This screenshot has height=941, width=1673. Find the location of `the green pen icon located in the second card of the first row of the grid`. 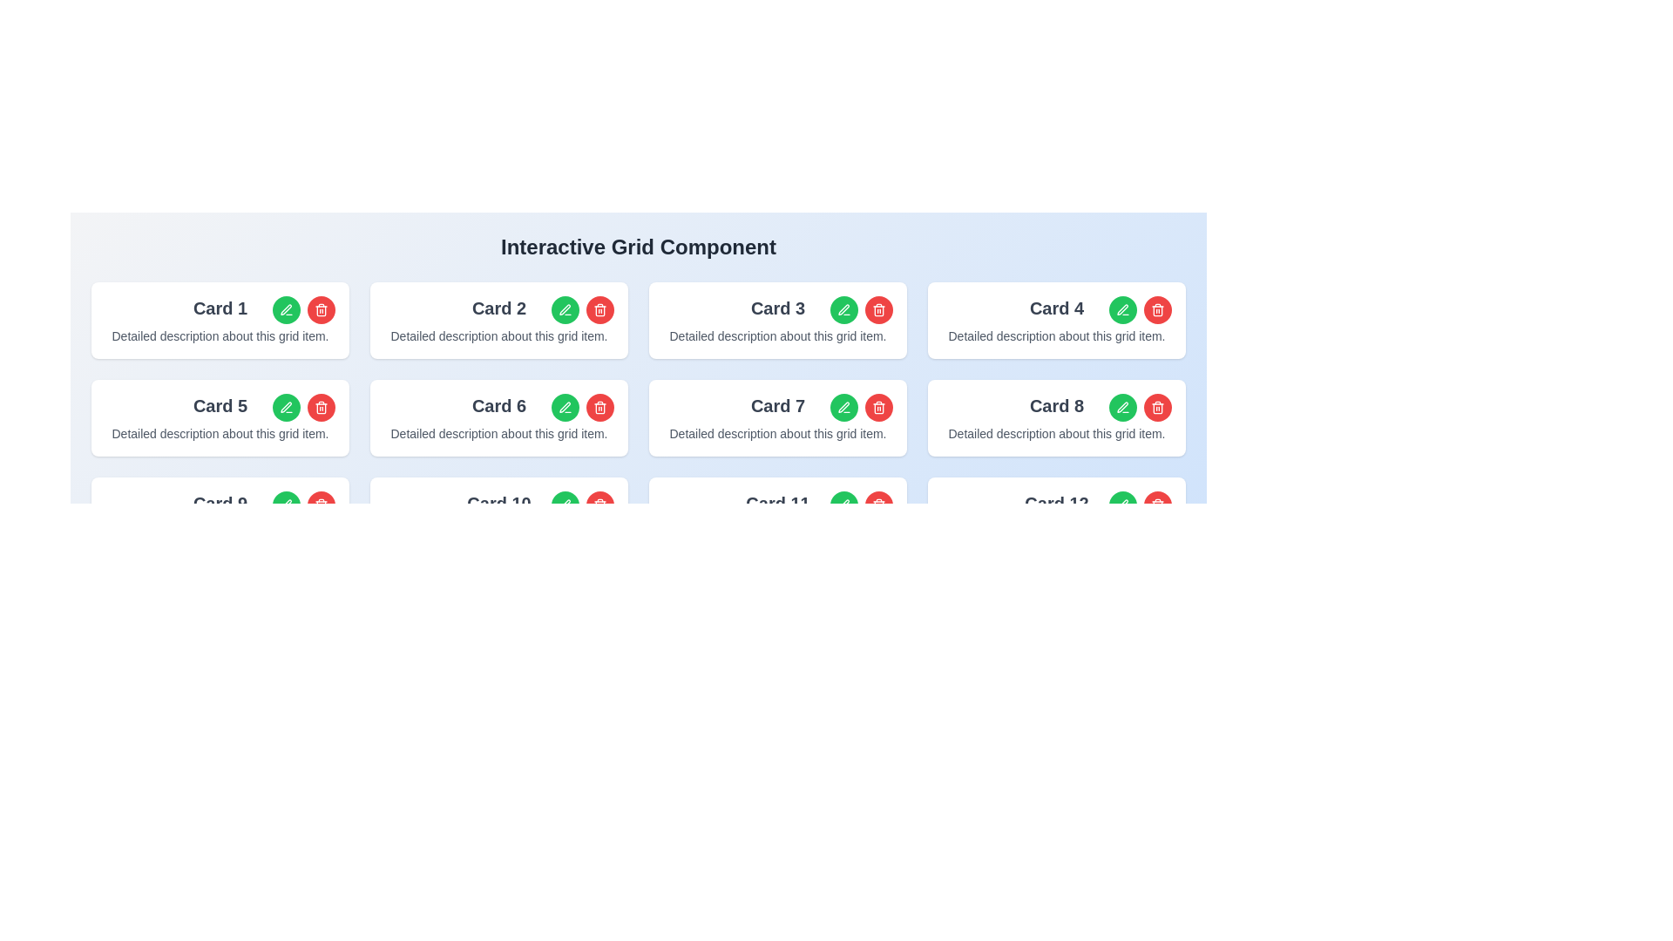

the green pen icon located in the second card of the first row of the grid is located at coordinates (565, 308).